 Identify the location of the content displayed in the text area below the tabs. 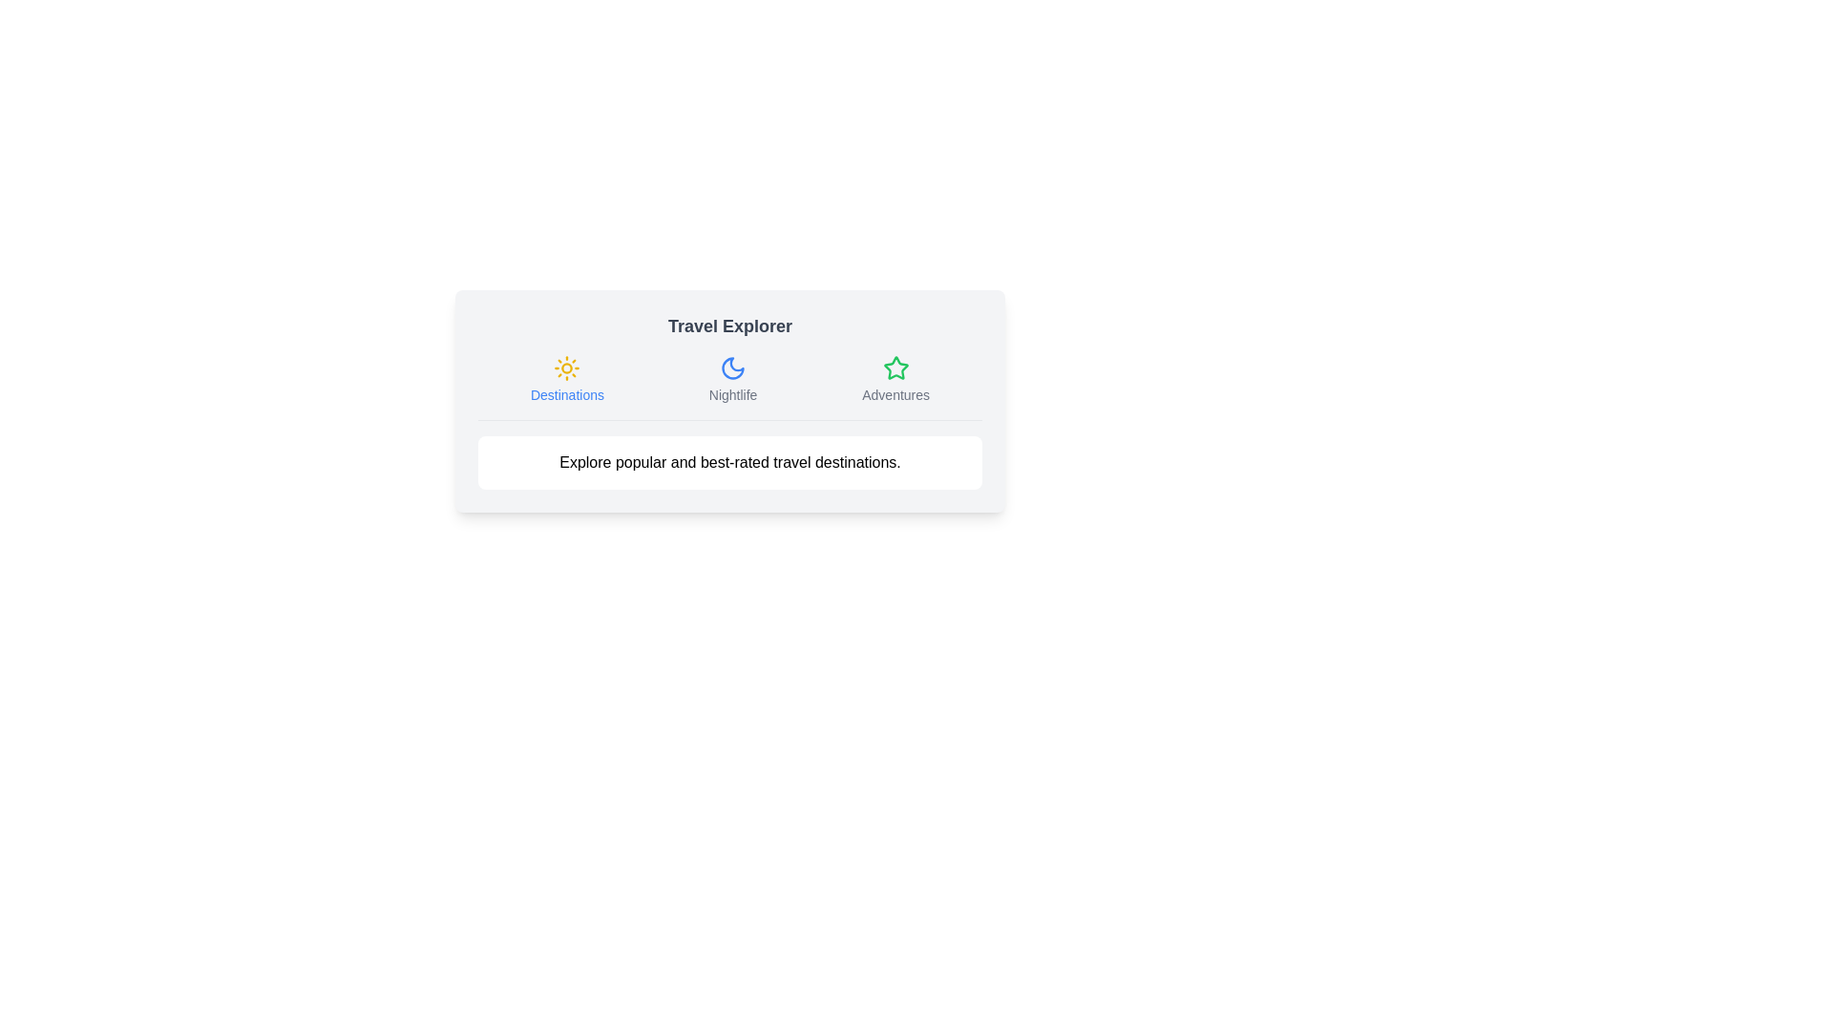
(728, 463).